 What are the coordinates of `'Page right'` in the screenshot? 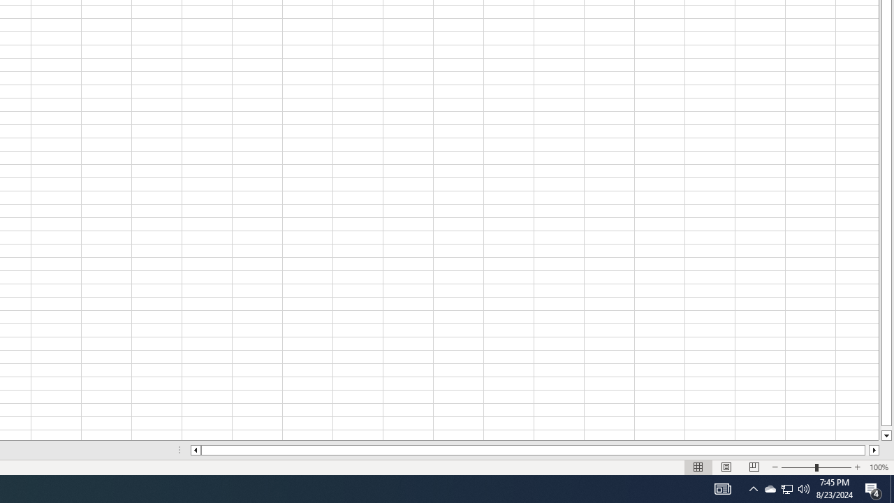 It's located at (866, 450).